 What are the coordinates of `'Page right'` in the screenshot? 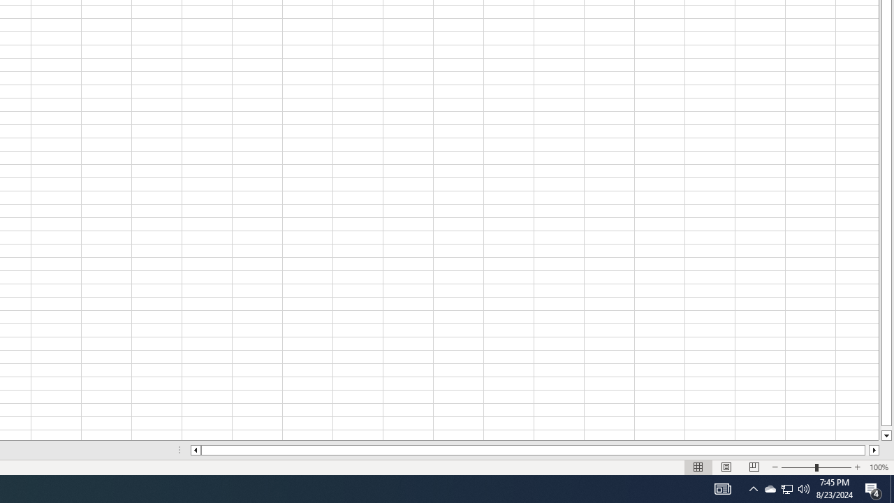 It's located at (866, 450).